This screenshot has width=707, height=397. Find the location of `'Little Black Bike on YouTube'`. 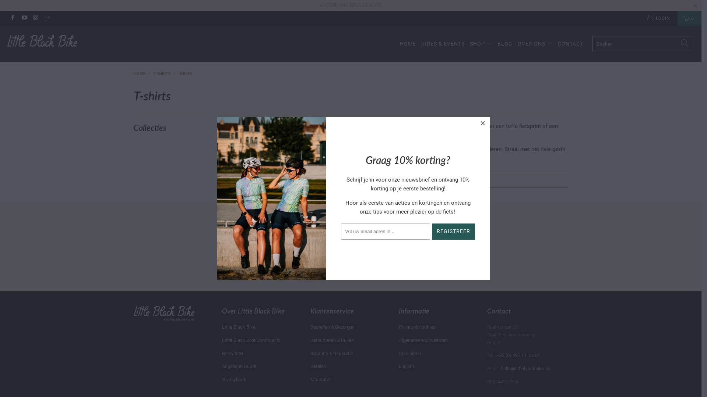

'Little Black Bike on YouTube' is located at coordinates (24, 18).